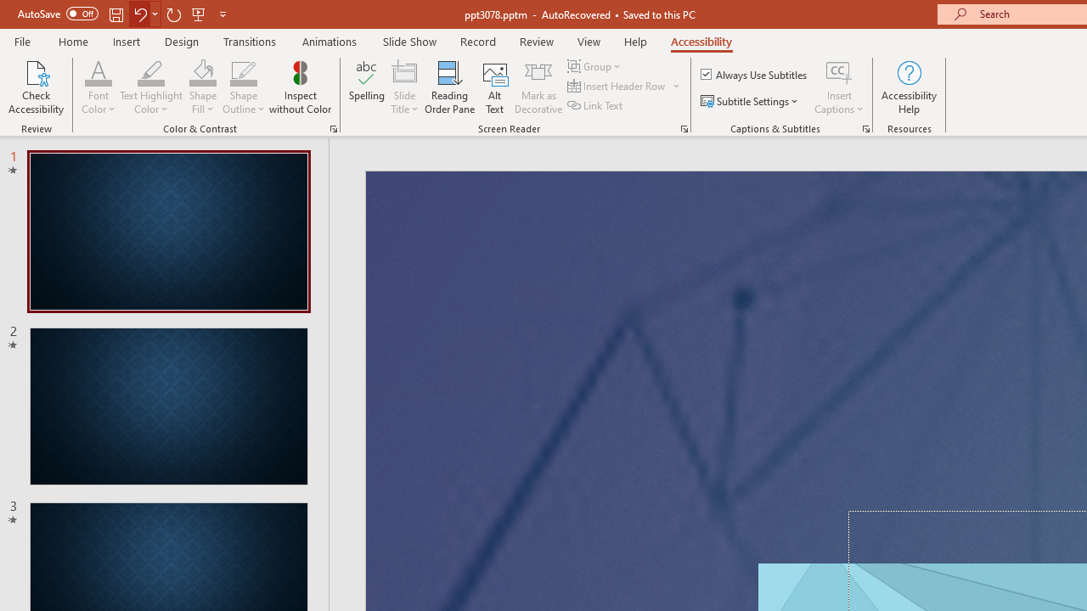 This screenshot has height=611, width=1087. What do you see at coordinates (596, 105) in the screenshot?
I see `'Link Text'` at bounding box center [596, 105].